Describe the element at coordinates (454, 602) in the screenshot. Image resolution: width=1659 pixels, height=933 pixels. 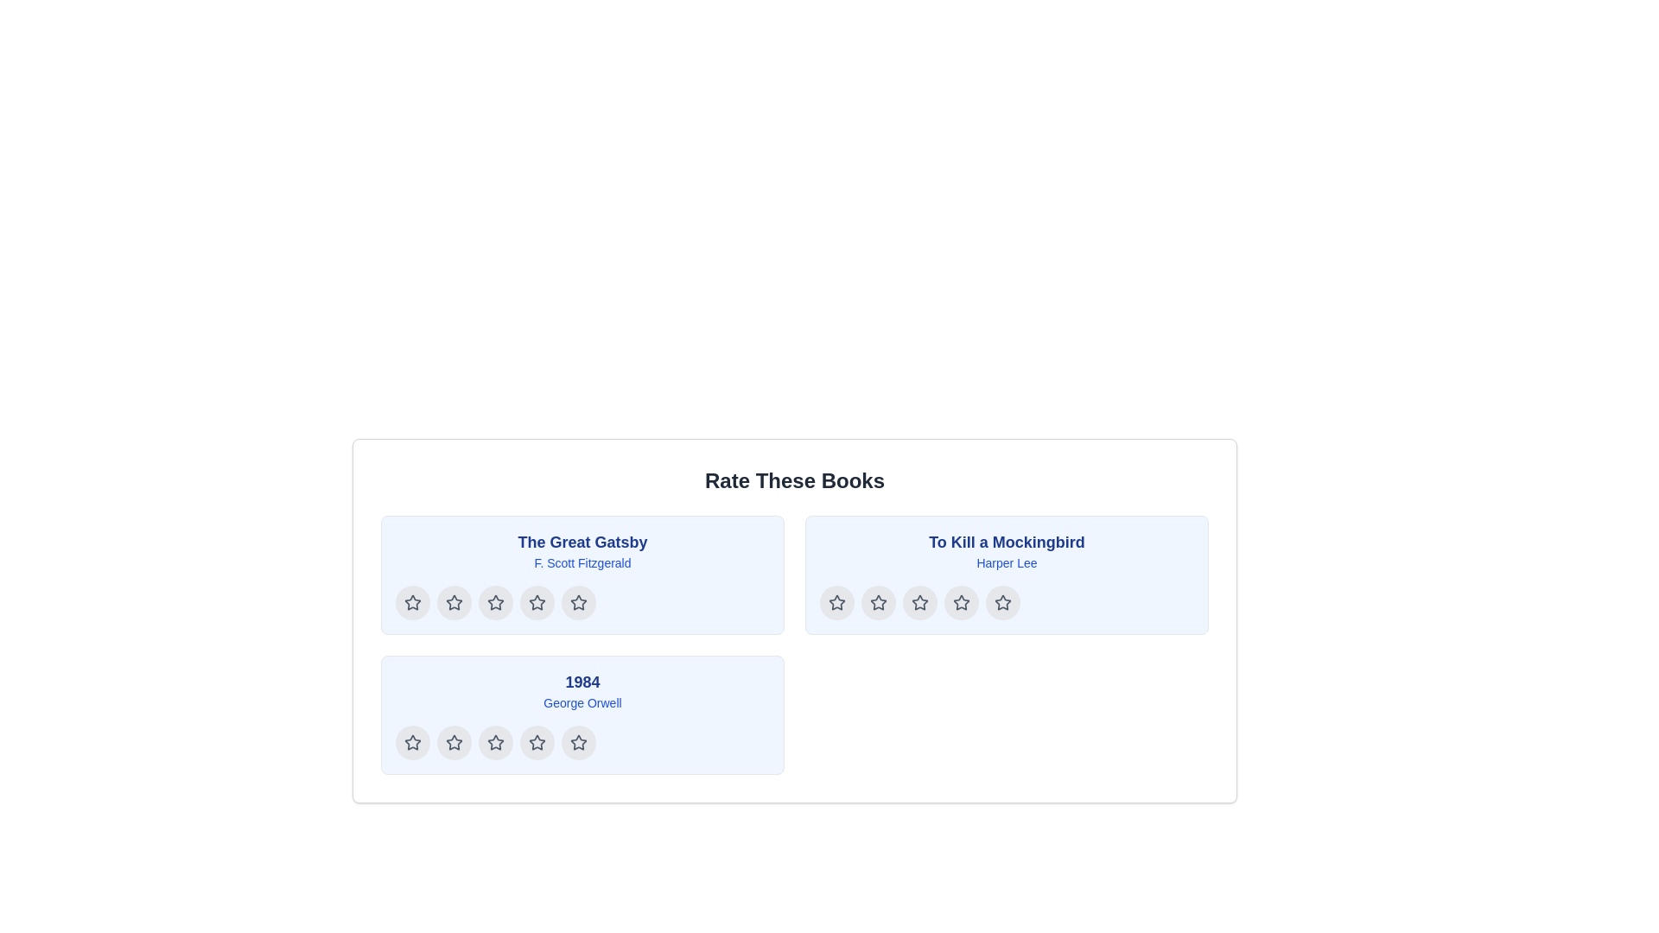
I see `the circular button with a star icon located under the title 'The Great Gatsby' in the 'Rate These Books' interface` at that location.